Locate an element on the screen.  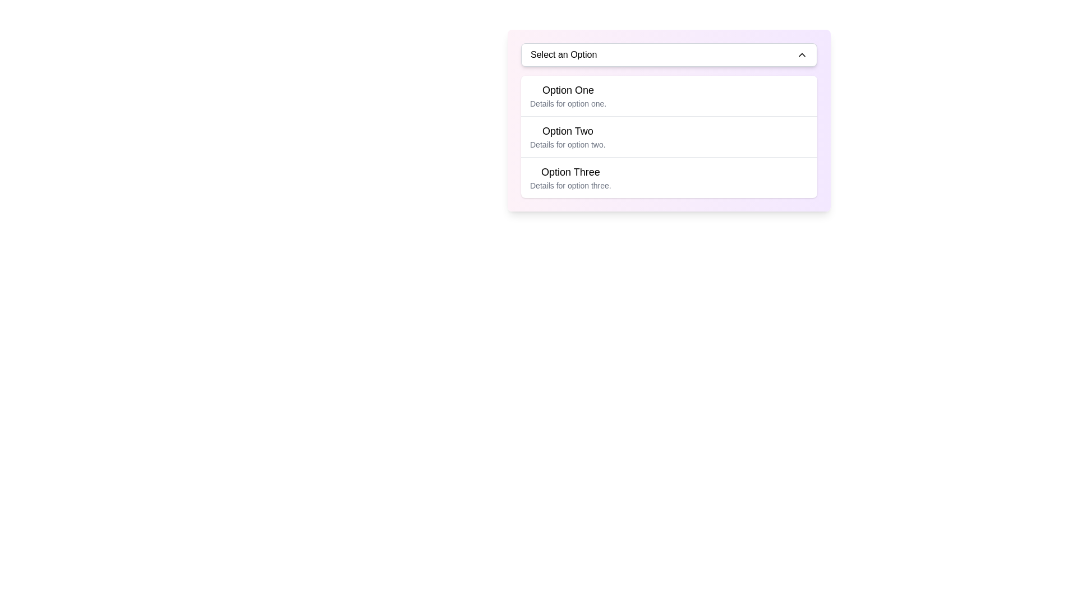
the list item labeled 'Option Three' is located at coordinates (669, 177).